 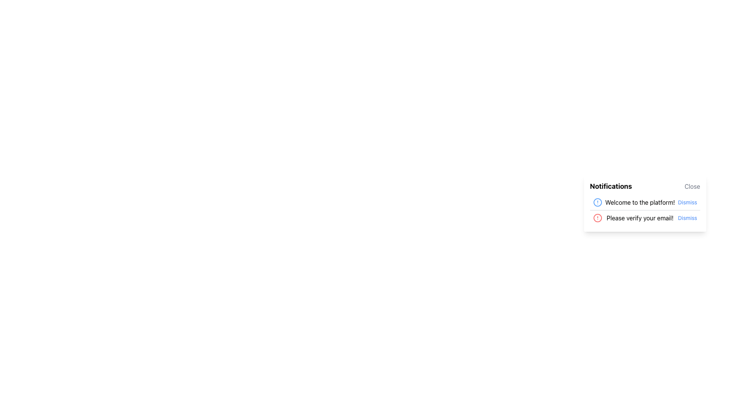 I want to click on the text element that informs the user about the need to verify their email address in the second row of the notification list, located between an alert icon and a dismiss link, so click(x=640, y=218).